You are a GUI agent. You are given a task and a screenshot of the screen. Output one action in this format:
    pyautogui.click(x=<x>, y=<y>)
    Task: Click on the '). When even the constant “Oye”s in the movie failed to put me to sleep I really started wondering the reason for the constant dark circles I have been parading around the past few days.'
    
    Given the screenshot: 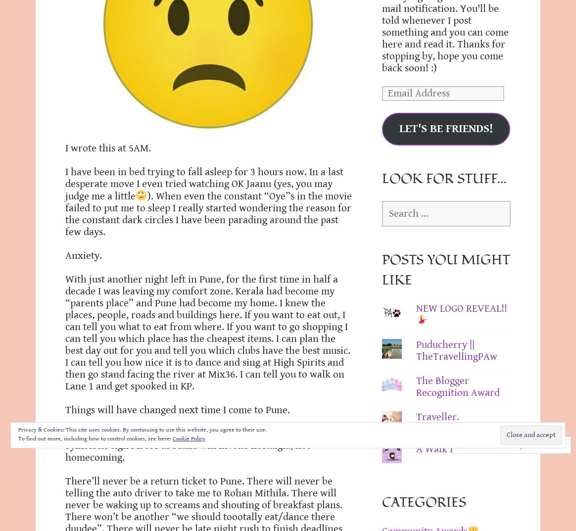 What is the action you would take?
    pyautogui.click(x=208, y=213)
    